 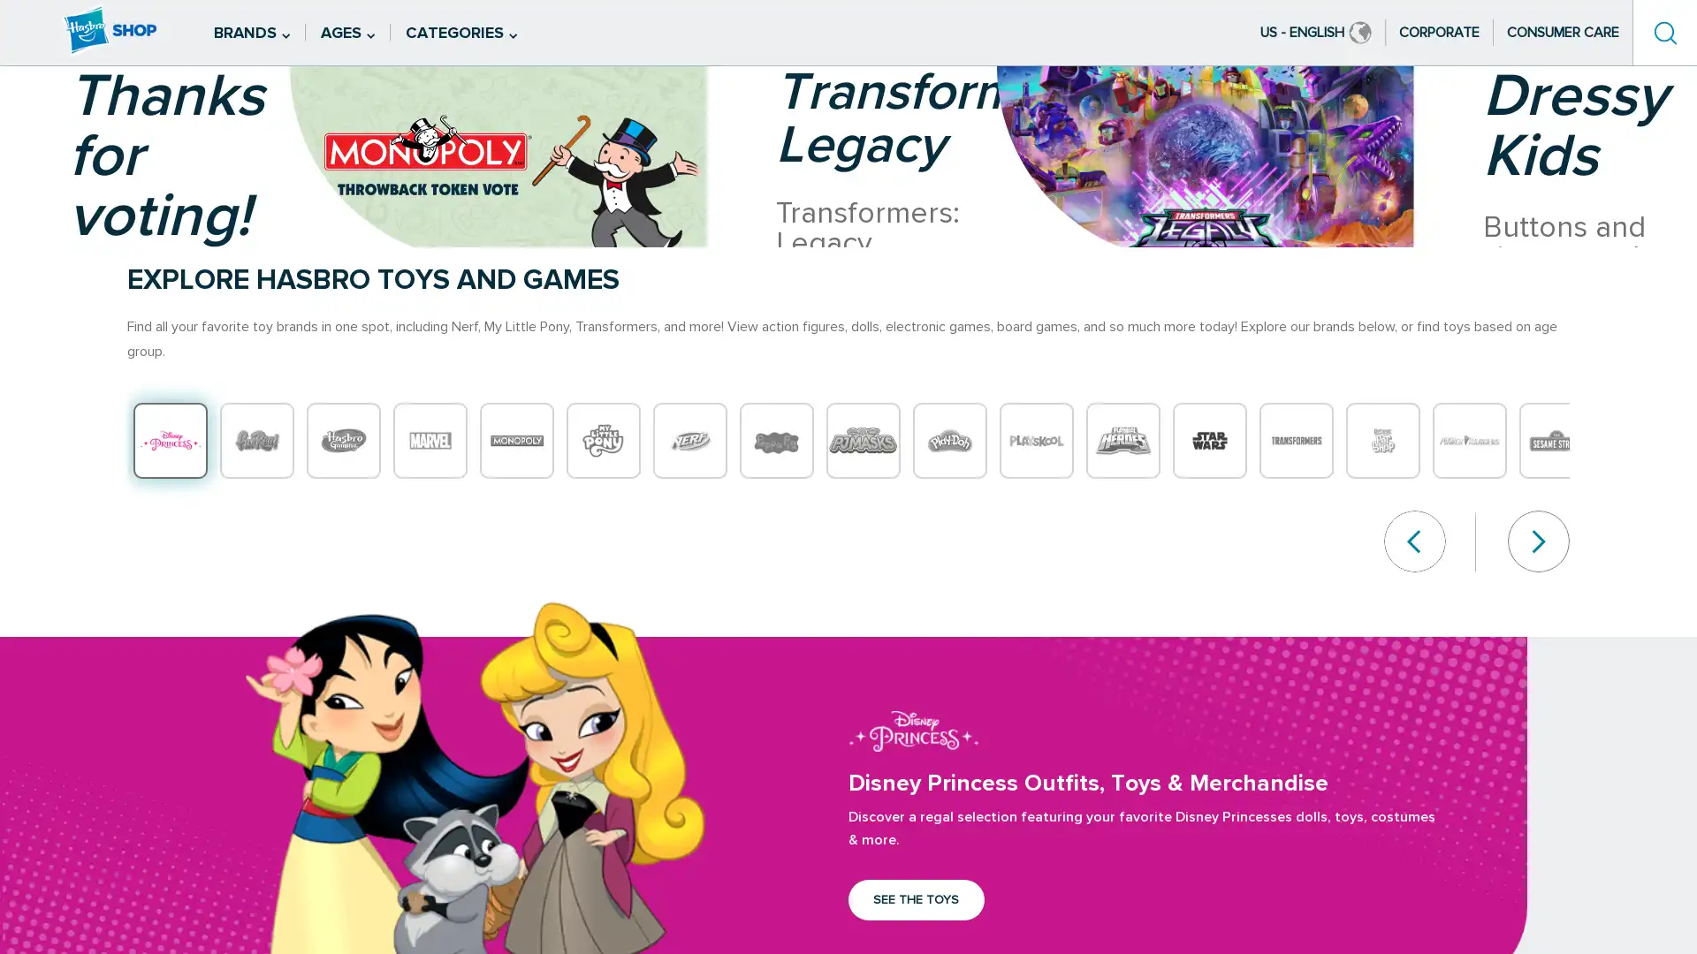 What do you see at coordinates (64, 353) in the screenshot?
I see `4` at bounding box center [64, 353].